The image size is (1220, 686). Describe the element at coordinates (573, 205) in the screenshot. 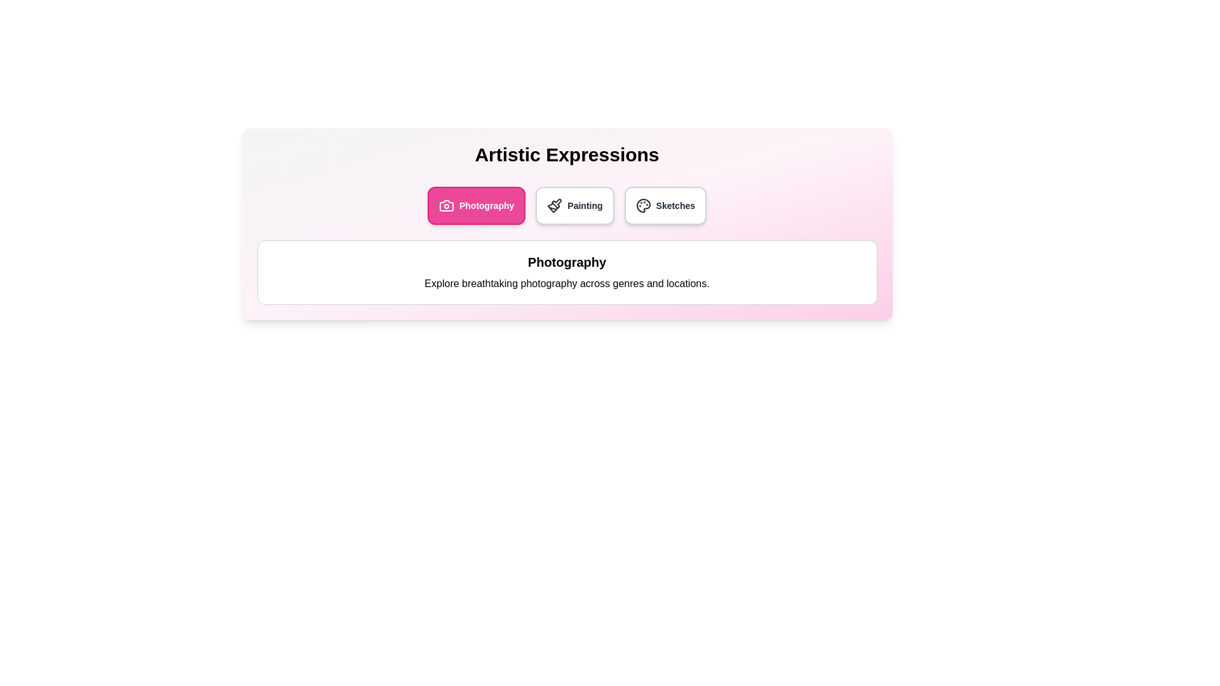

I see `the tab labeled Painting to display its text` at that location.